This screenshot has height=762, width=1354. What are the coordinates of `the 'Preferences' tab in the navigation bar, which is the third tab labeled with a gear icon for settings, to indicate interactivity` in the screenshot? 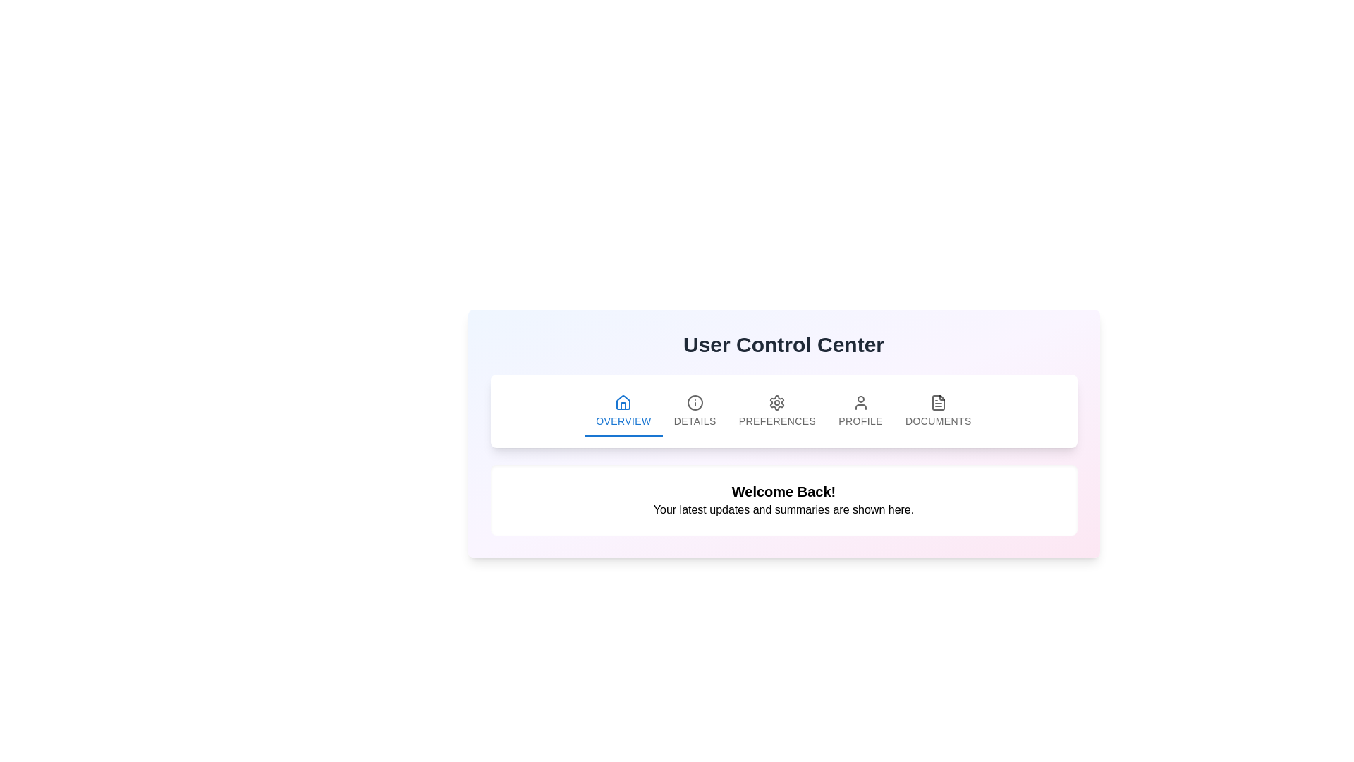 It's located at (783, 411).